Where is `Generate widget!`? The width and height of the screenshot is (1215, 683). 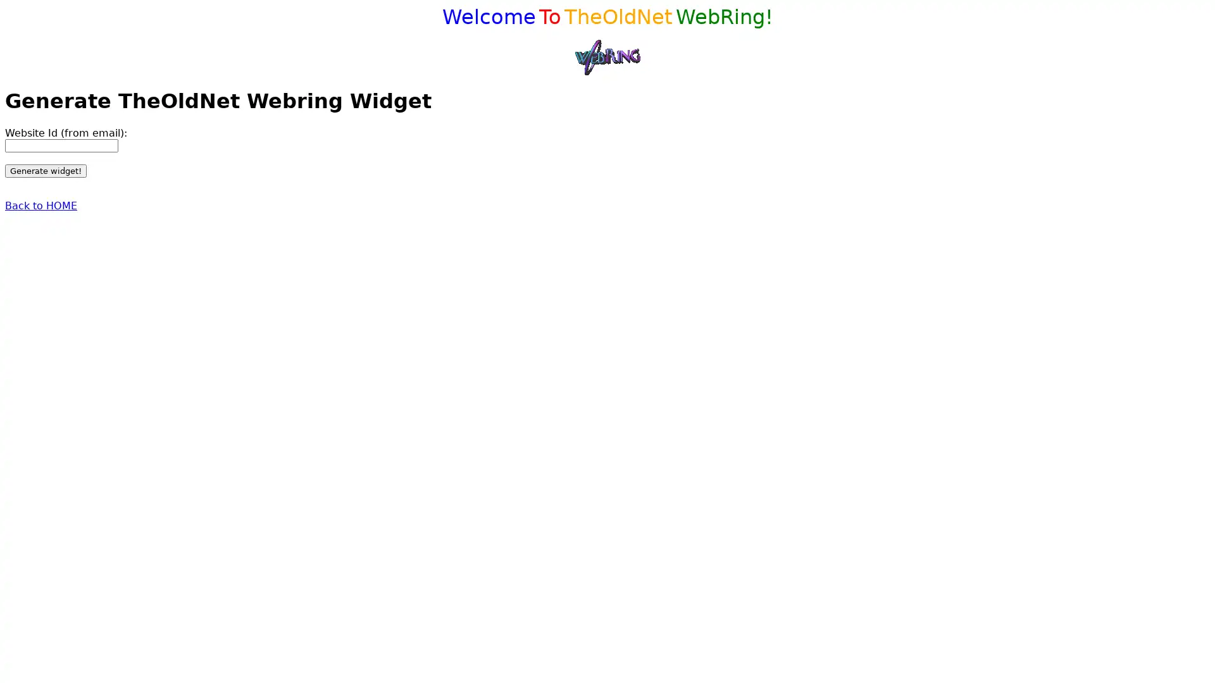 Generate widget! is located at coordinates (46, 169).